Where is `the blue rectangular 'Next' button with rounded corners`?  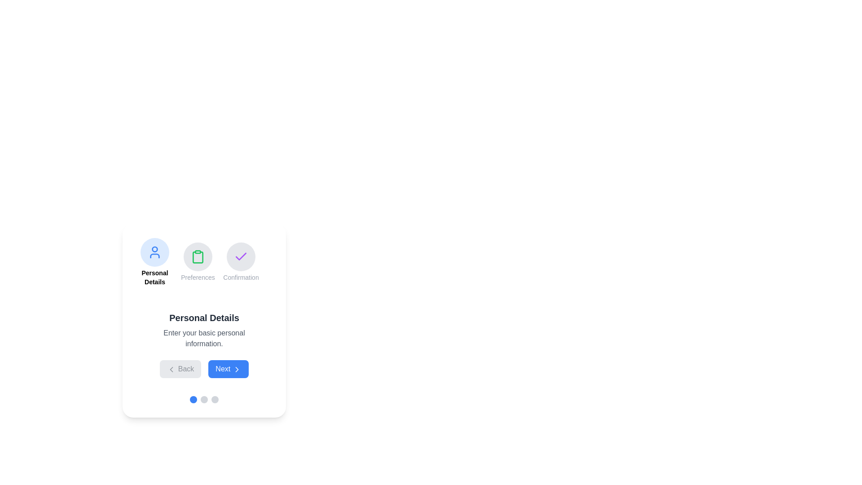 the blue rectangular 'Next' button with rounded corners is located at coordinates (228, 369).